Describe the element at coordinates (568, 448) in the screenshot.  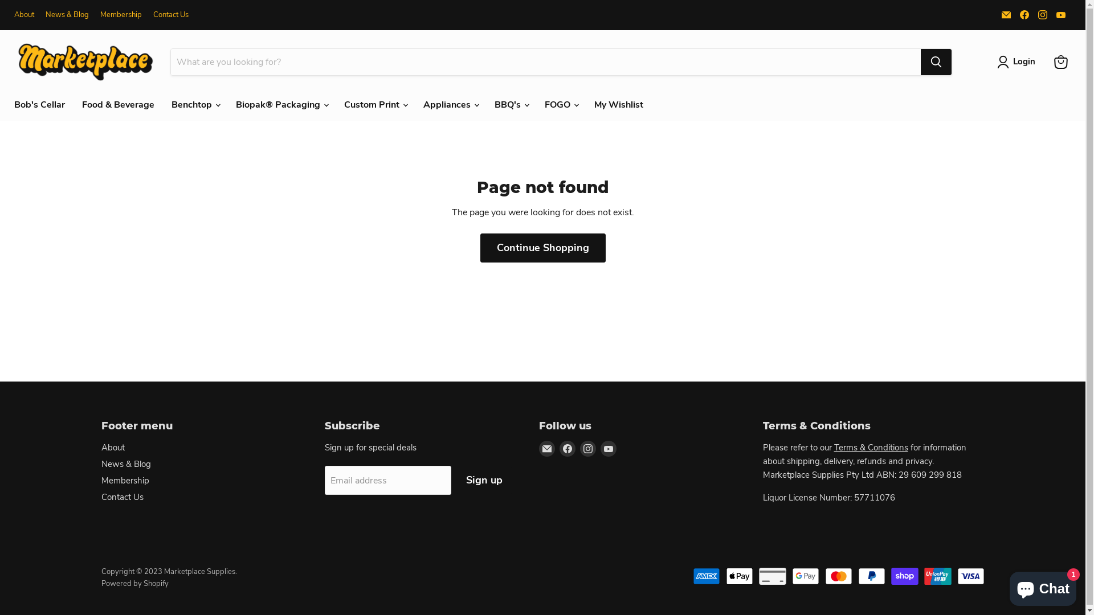
I see `'Find us on Facebook'` at that location.